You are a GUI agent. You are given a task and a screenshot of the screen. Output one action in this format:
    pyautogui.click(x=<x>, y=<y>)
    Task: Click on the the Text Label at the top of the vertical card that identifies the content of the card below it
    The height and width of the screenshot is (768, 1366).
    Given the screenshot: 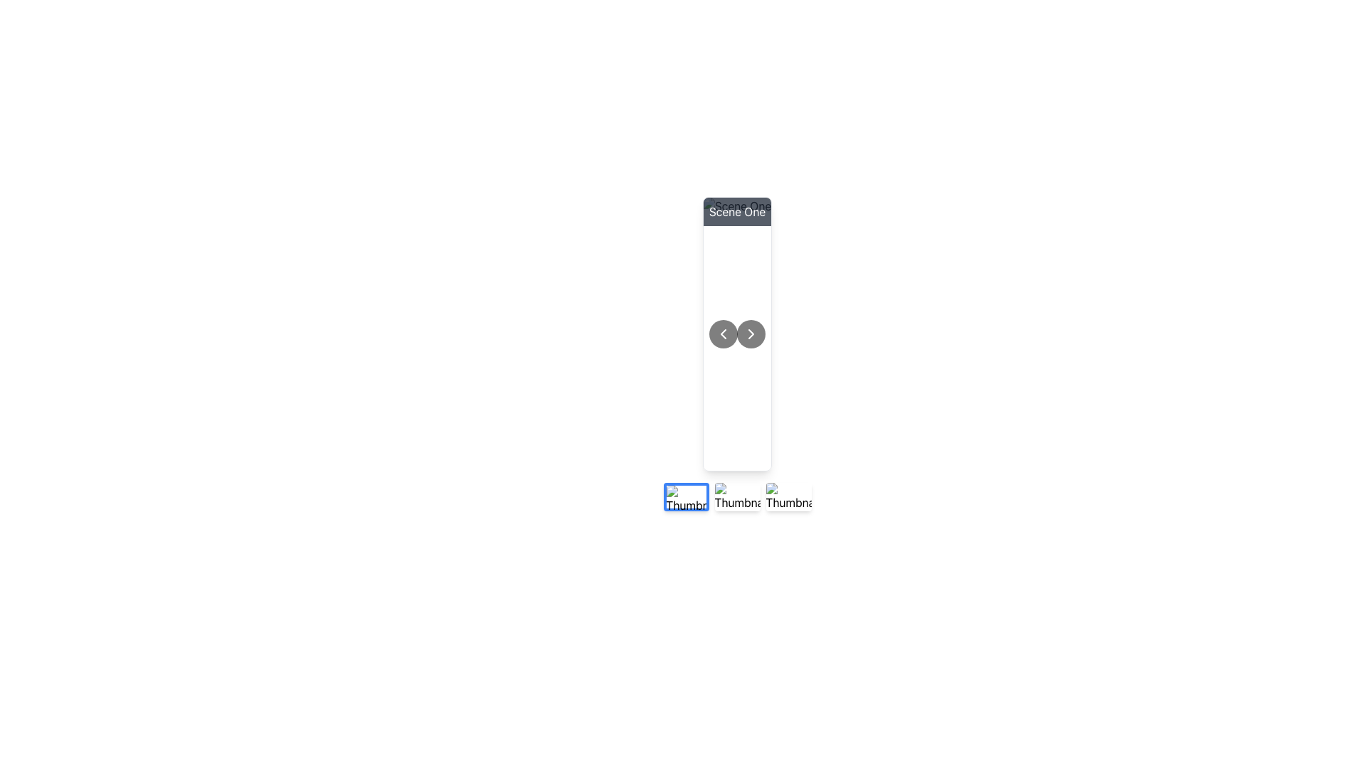 What is the action you would take?
    pyautogui.click(x=737, y=211)
    